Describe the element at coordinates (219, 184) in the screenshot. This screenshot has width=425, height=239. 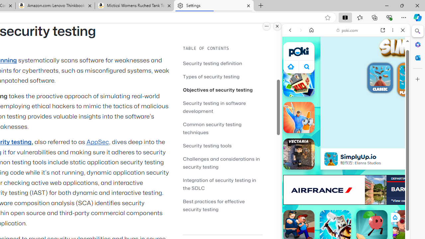
I see `'Integration of security testing in the SDLC'` at that location.